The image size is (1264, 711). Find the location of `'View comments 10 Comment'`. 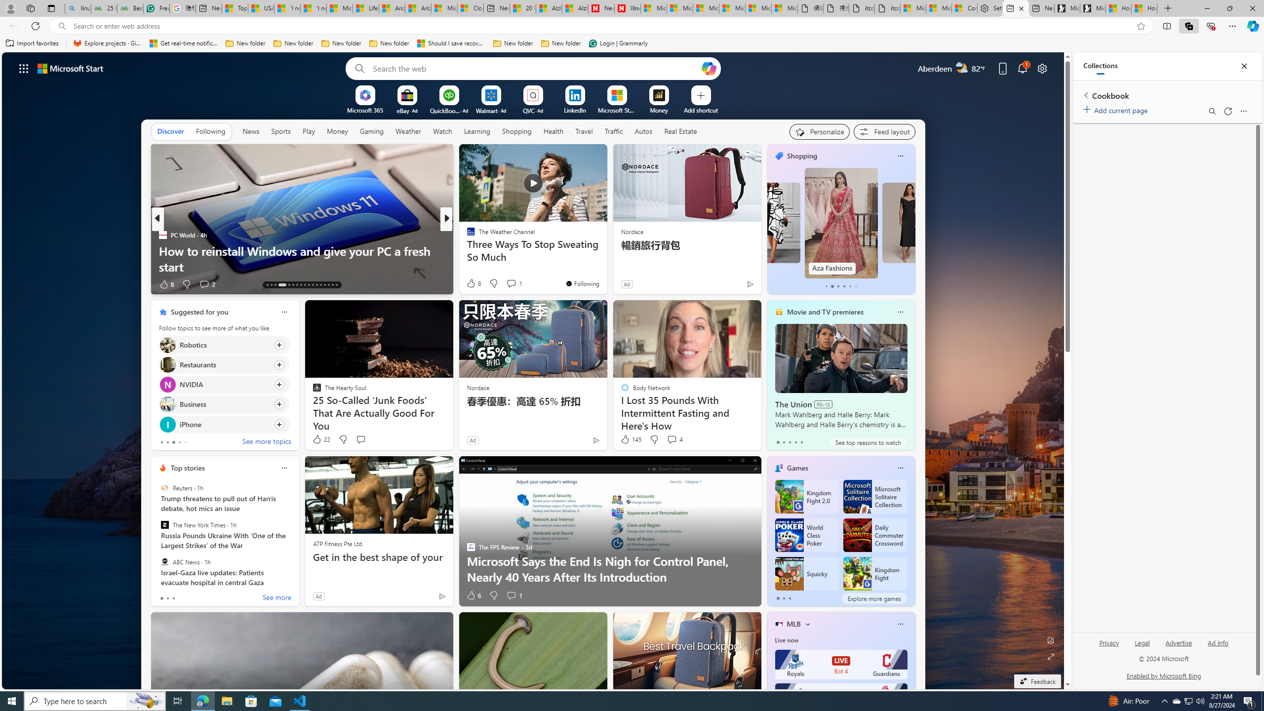

'View comments 10 Comment' is located at coordinates (518, 284).